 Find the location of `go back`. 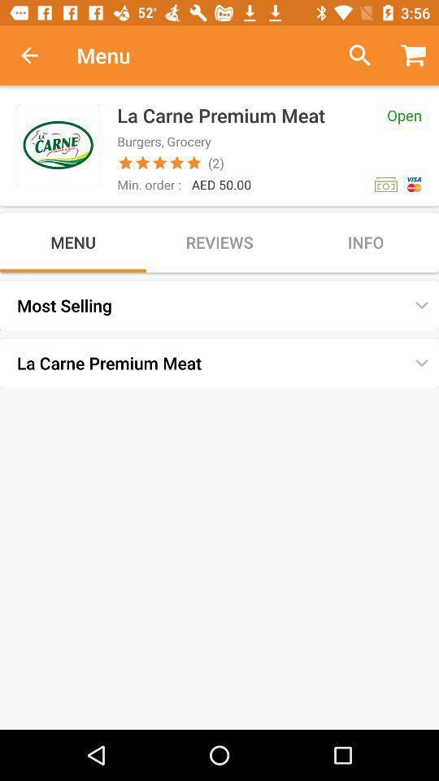

go back is located at coordinates (38, 55).